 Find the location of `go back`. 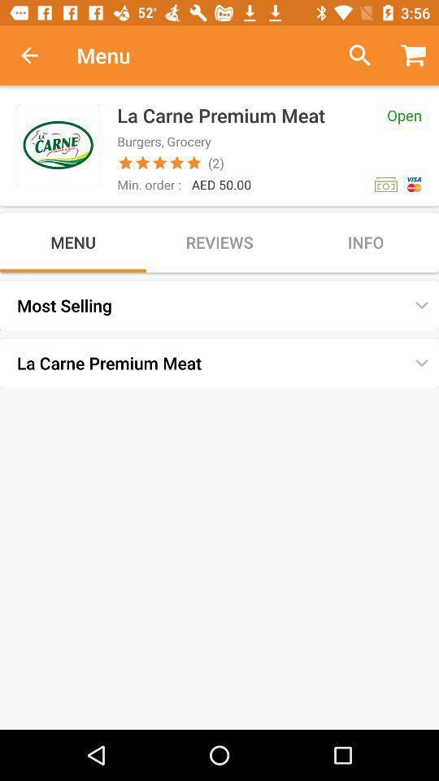

go back is located at coordinates (38, 55).